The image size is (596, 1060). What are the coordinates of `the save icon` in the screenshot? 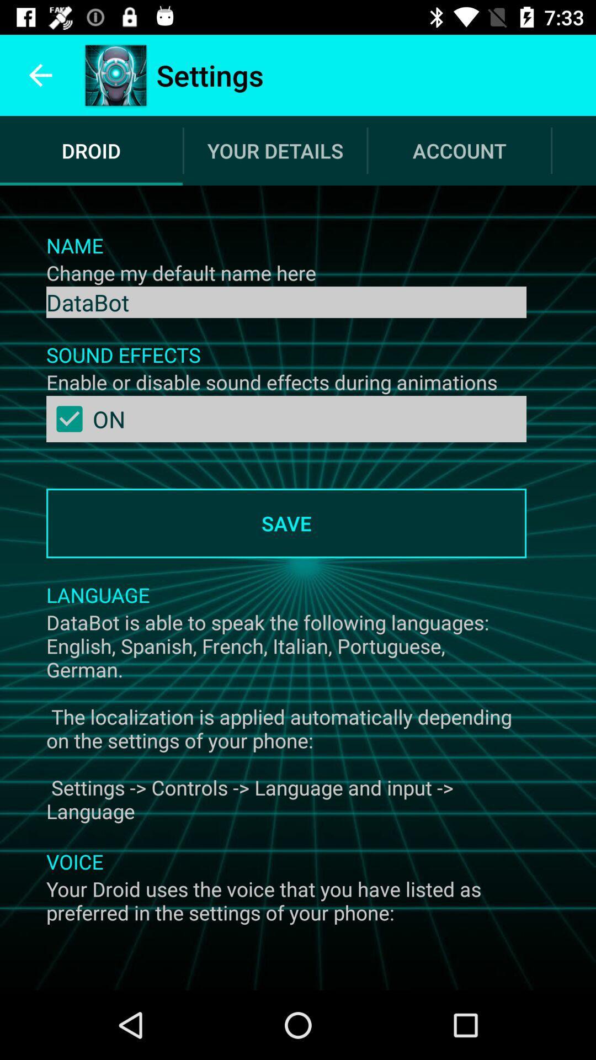 It's located at (286, 523).